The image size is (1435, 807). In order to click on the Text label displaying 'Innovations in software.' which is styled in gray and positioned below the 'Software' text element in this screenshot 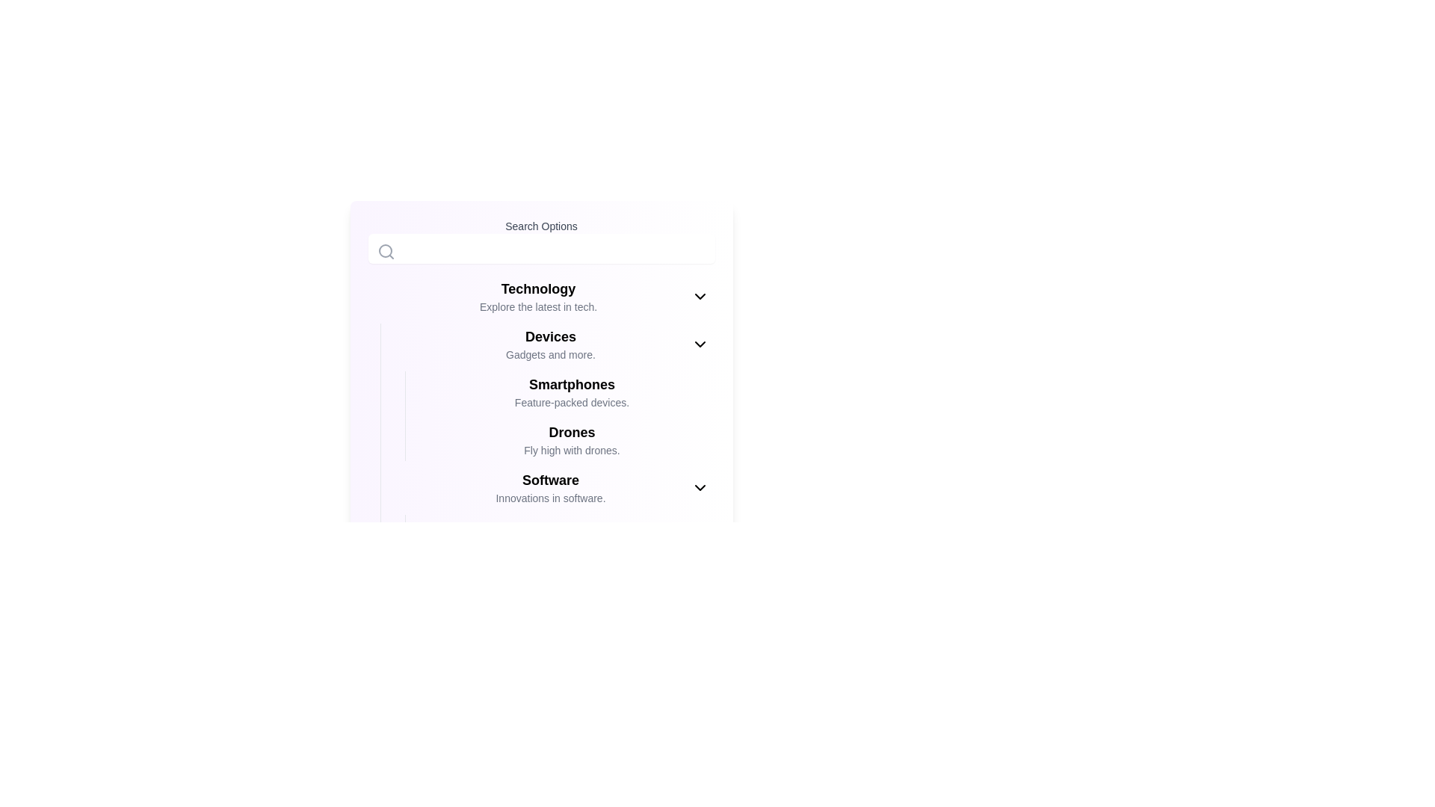, I will do `click(550, 498)`.